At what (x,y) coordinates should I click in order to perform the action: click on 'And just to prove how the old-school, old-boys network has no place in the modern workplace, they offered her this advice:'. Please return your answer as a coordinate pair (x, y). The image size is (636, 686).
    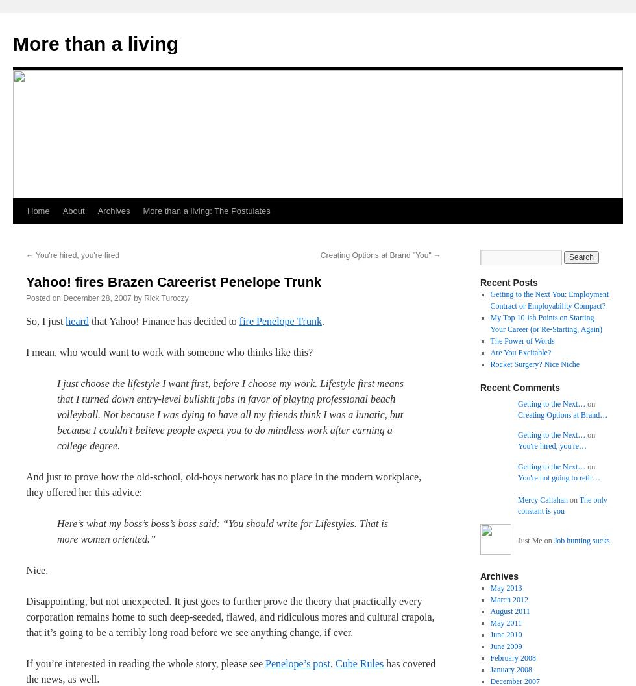
    Looking at the image, I should click on (25, 484).